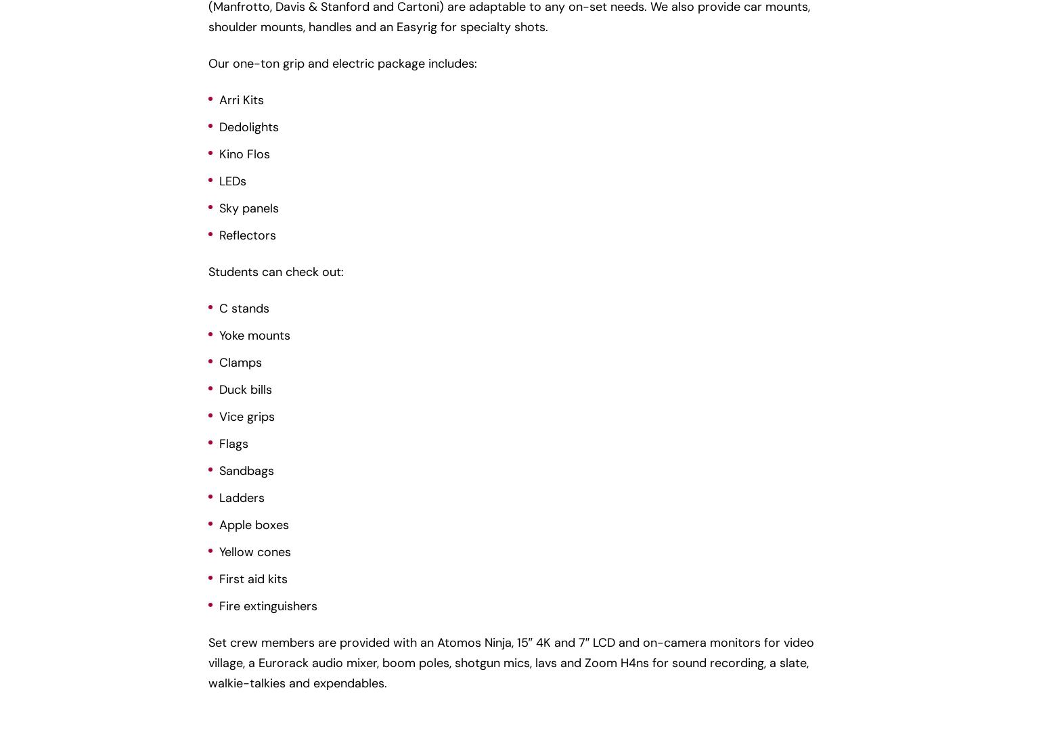 The width and height of the screenshot is (1049, 730). What do you see at coordinates (218, 308) in the screenshot?
I see `'C stands'` at bounding box center [218, 308].